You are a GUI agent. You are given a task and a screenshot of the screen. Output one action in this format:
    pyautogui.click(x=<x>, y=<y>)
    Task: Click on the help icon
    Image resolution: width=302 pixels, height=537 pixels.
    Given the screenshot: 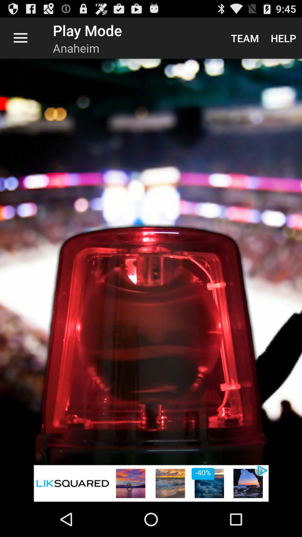 What is the action you would take?
    pyautogui.click(x=283, y=38)
    